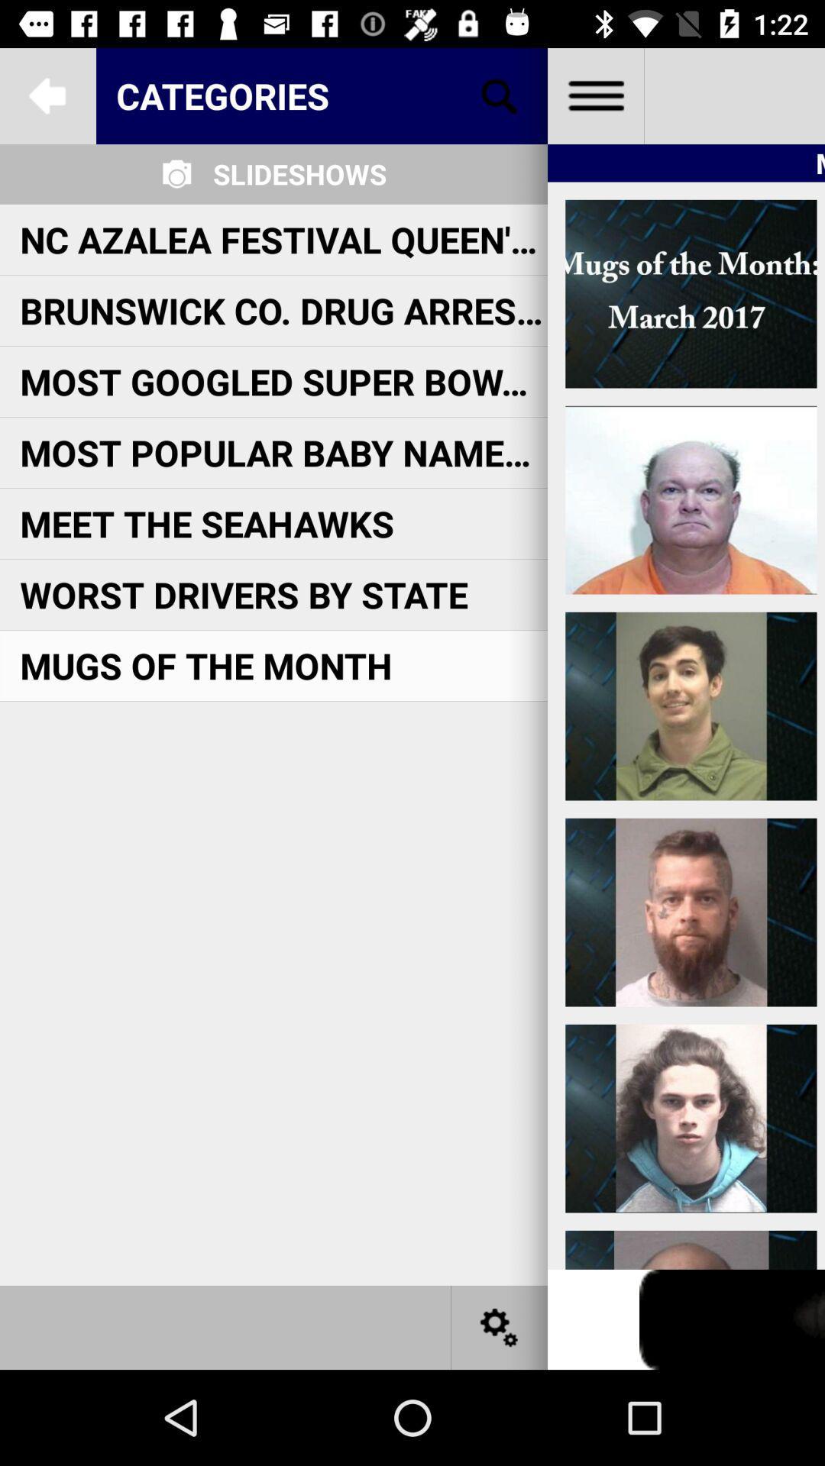 Image resolution: width=825 pixels, height=1466 pixels. What do you see at coordinates (500, 95) in the screenshot?
I see `the search icon` at bounding box center [500, 95].